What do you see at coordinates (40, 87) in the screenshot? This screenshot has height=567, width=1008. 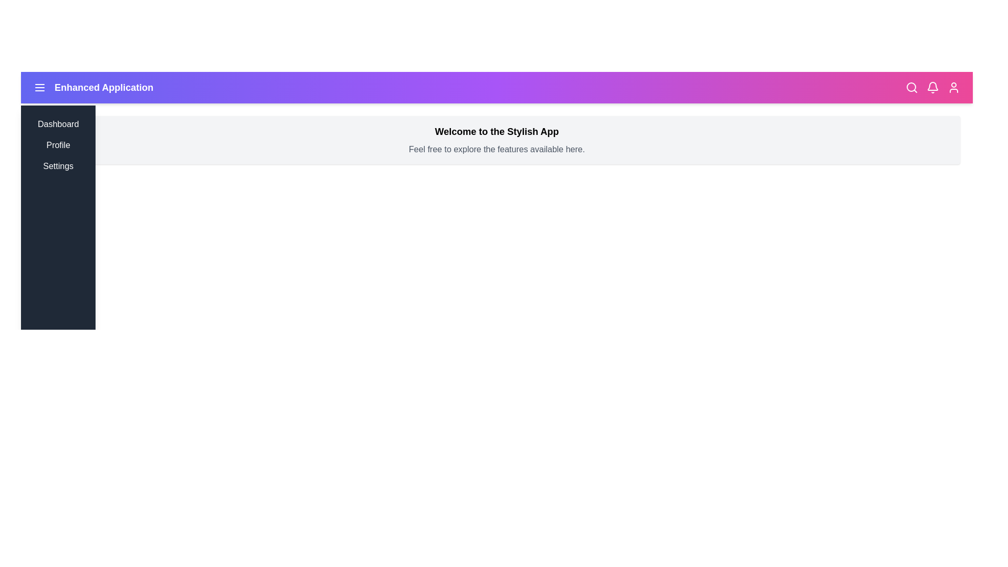 I see `the menu icon to toggle the sidebar visibility` at bounding box center [40, 87].